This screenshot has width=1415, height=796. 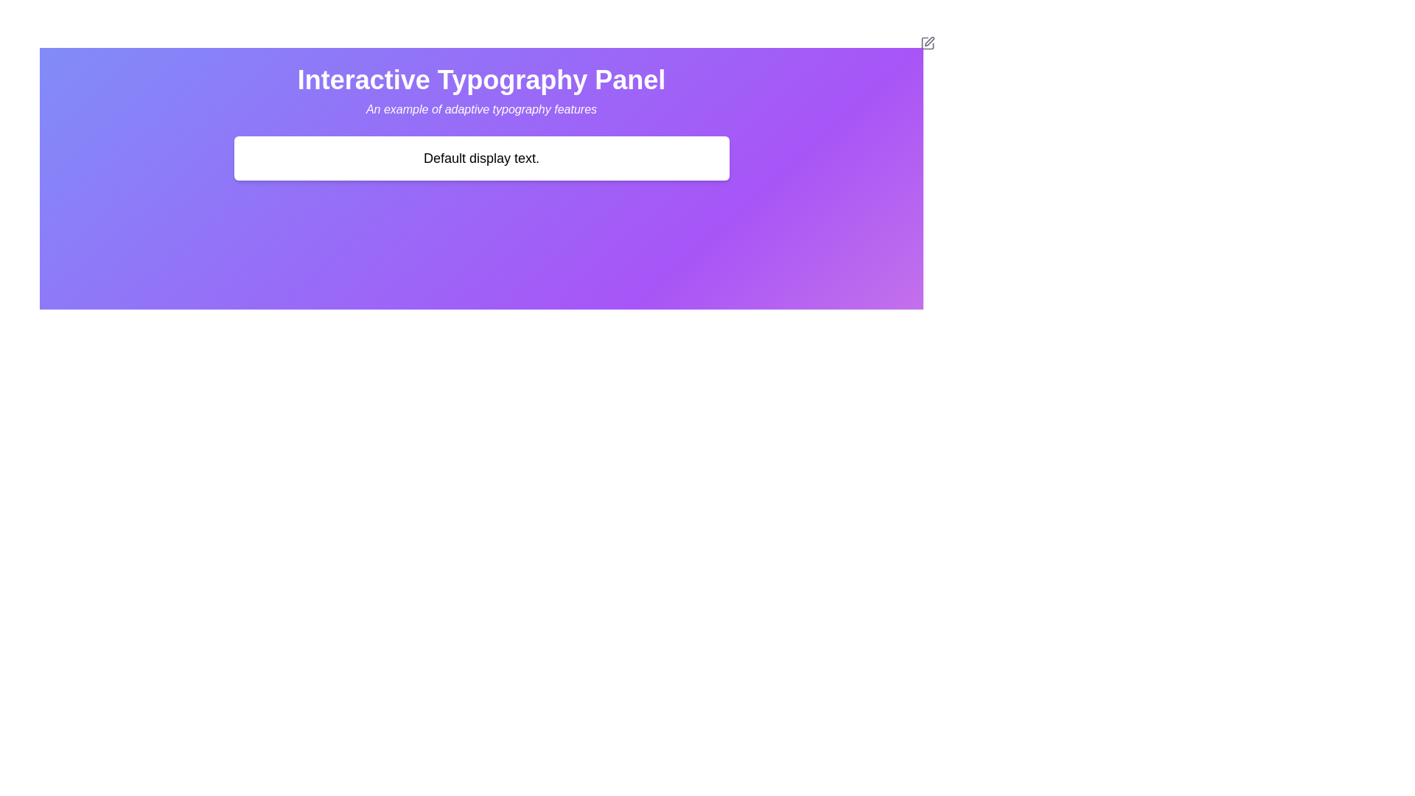 I want to click on the Text block titled 'Interactive Typography Panel' with the subtitle 'An example of adaptive typography features' which is located at the top center of the interface, so click(x=481, y=91).